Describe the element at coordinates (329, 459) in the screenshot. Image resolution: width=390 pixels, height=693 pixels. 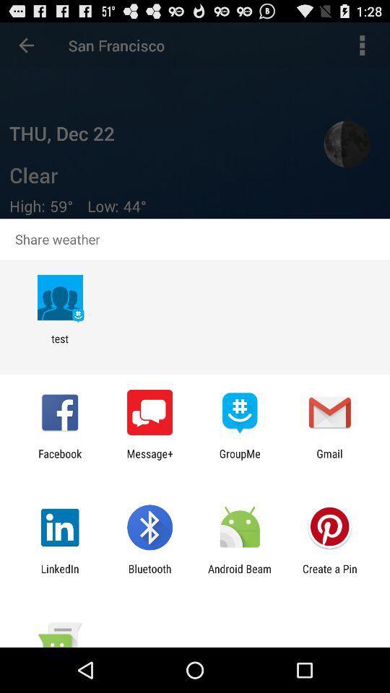
I see `the gmail item` at that location.